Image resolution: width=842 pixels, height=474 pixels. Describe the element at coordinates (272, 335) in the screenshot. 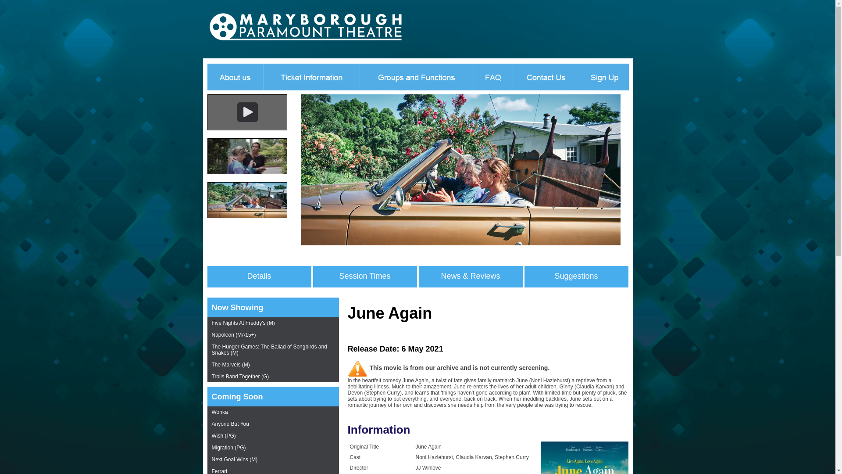

I see `'Napoleon (MA15+)'` at that location.